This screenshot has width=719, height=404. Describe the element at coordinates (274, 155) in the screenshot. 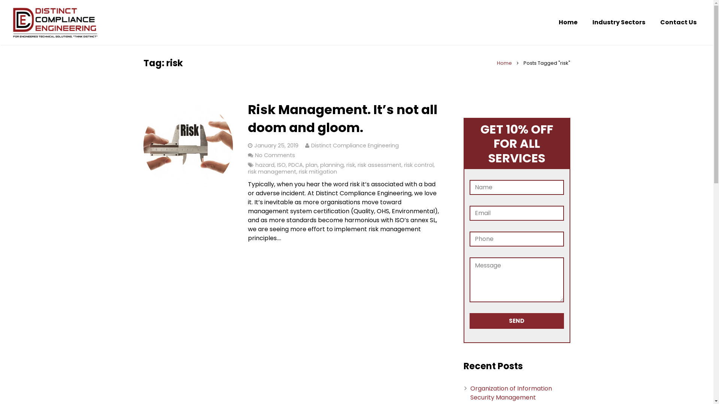

I see `'No Comments'` at that location.